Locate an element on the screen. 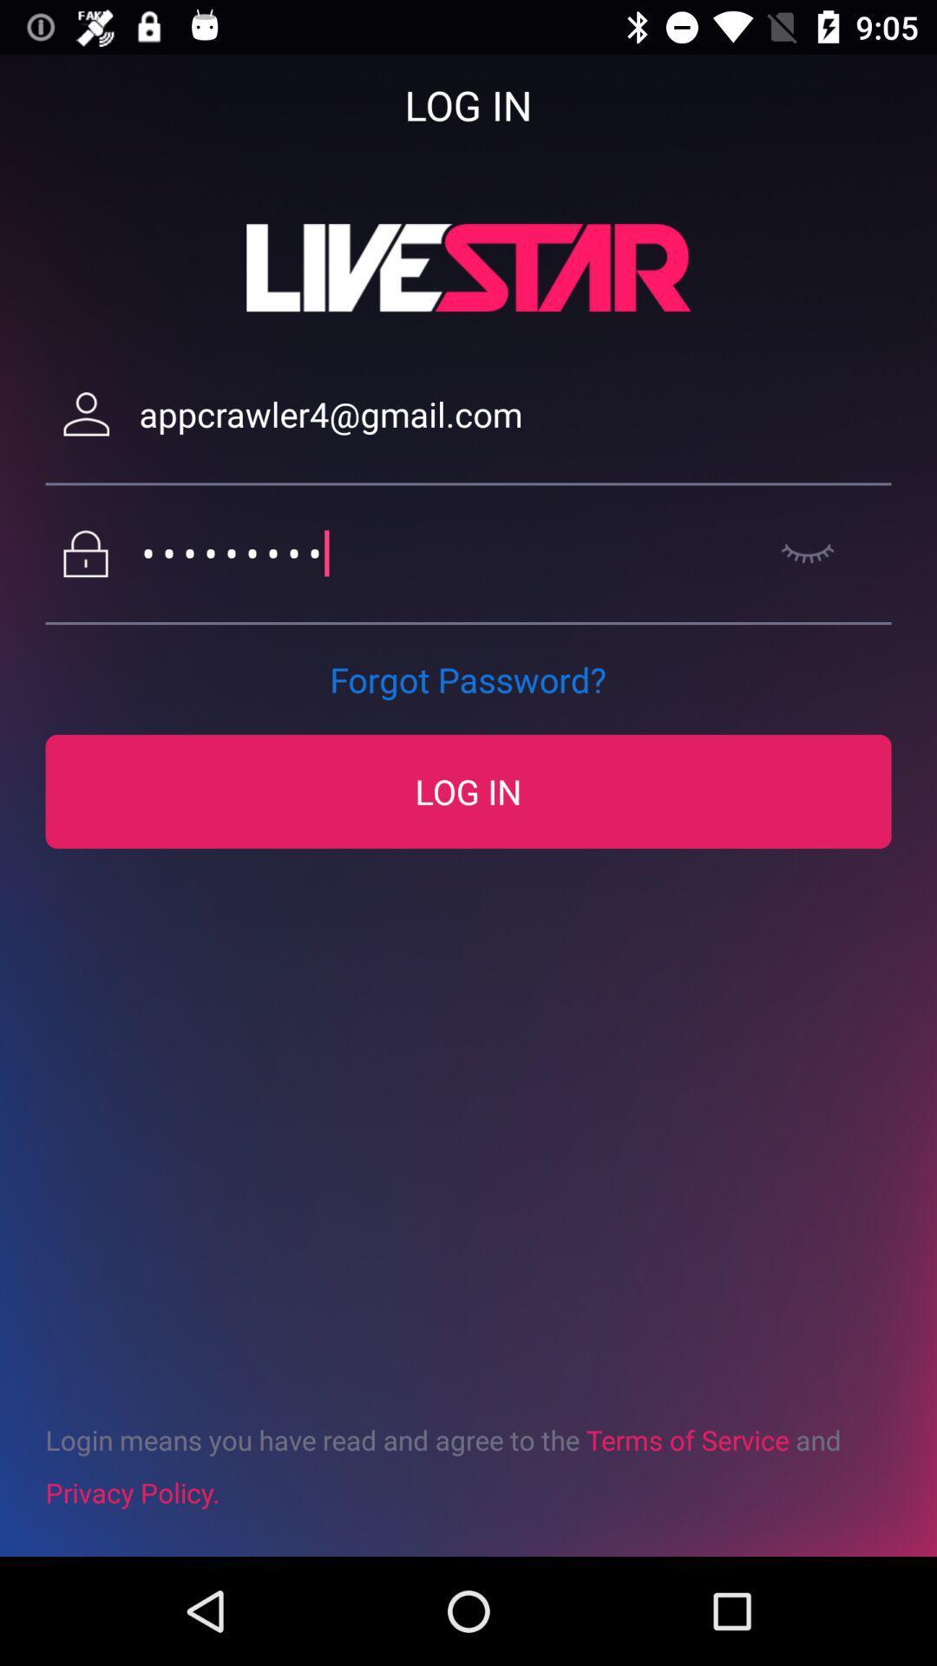 The width and height of the screenshot is (937, 1666). login means you item is located at coordinates (468, 1465).